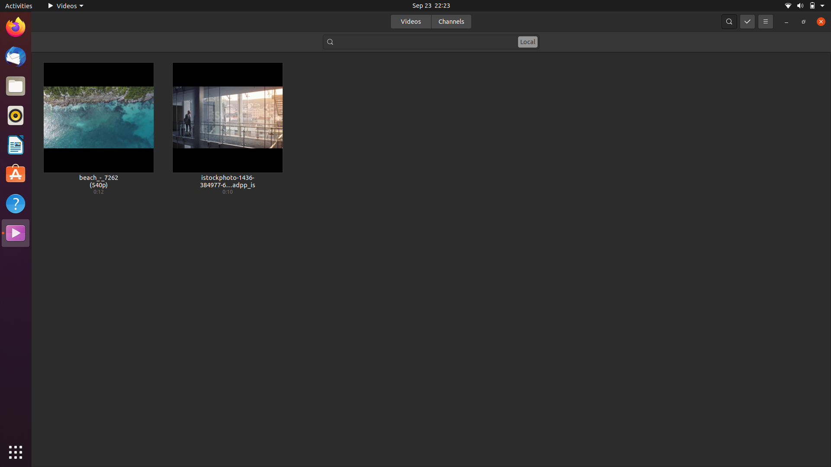  What do you see at coordinates (451, 21) in the screenshot?
I see `the first video in the Channels tab` at bounding box center [451, 21].